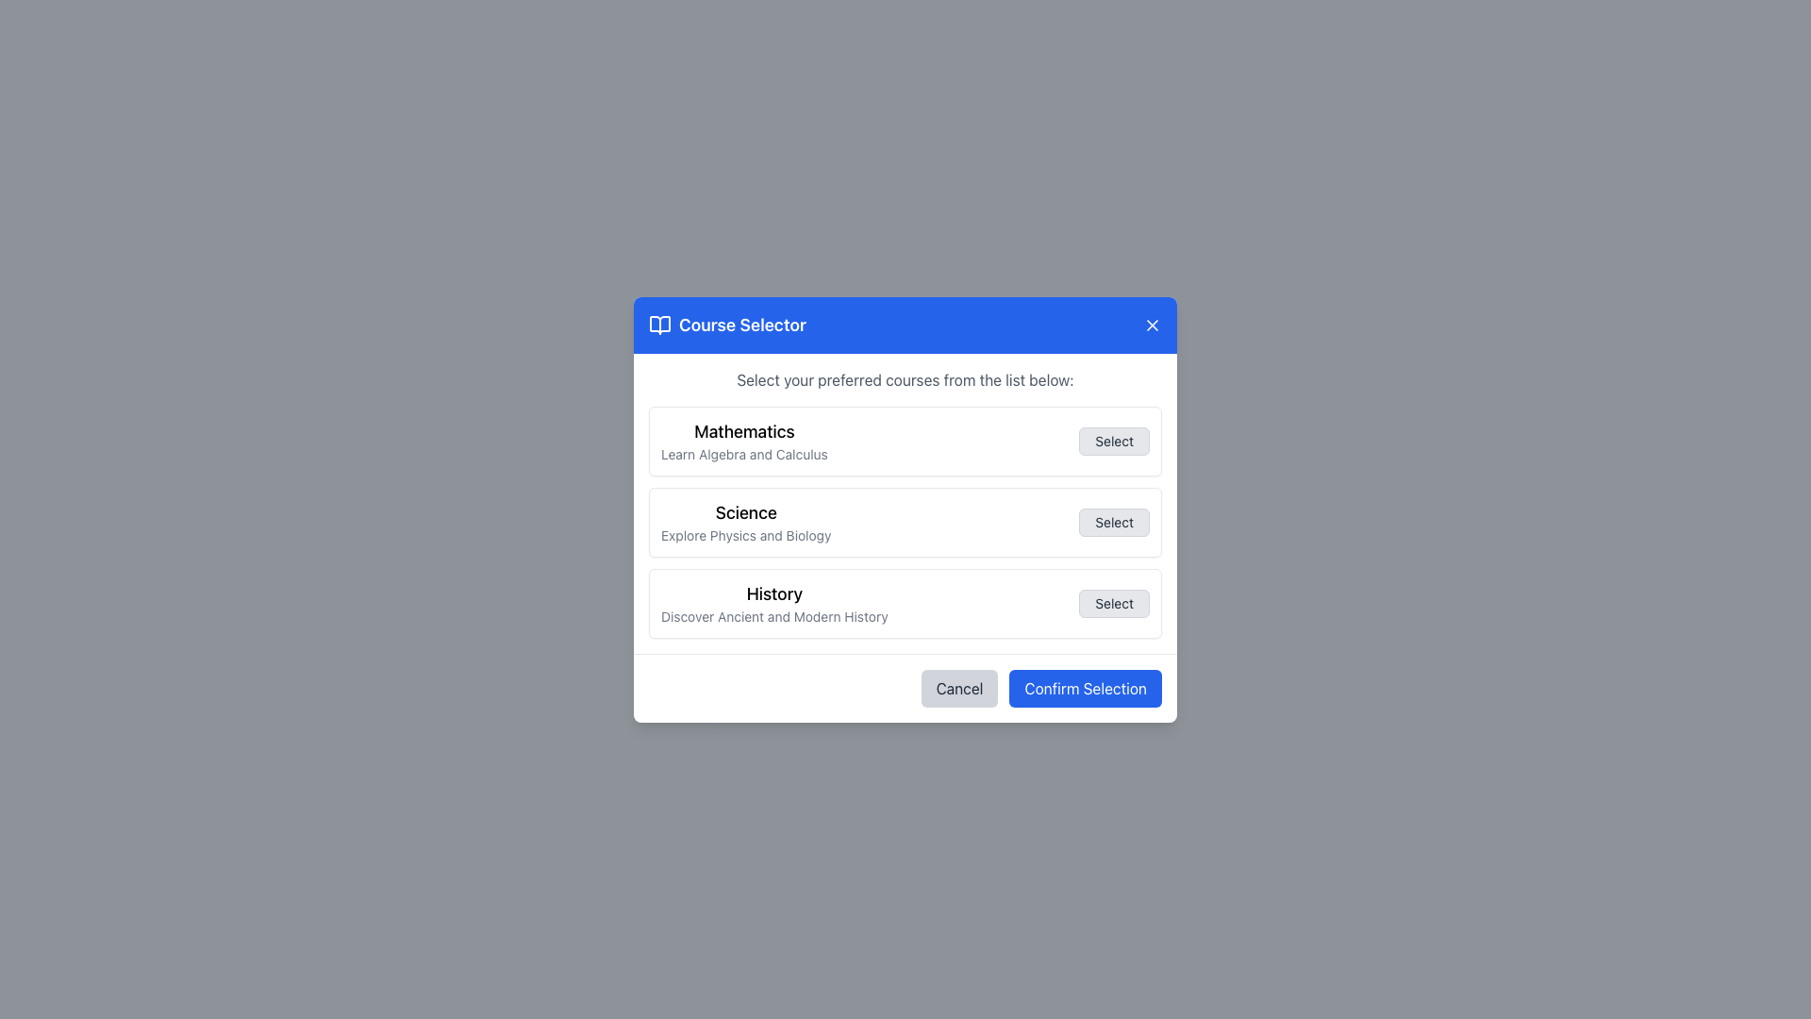  Describe the element at coordinates (745, 512) in the screenshot. I see `the text label displaying the word 'Science' in bold, located in the second list item of the 'Course Selector' dialog box` at that location.